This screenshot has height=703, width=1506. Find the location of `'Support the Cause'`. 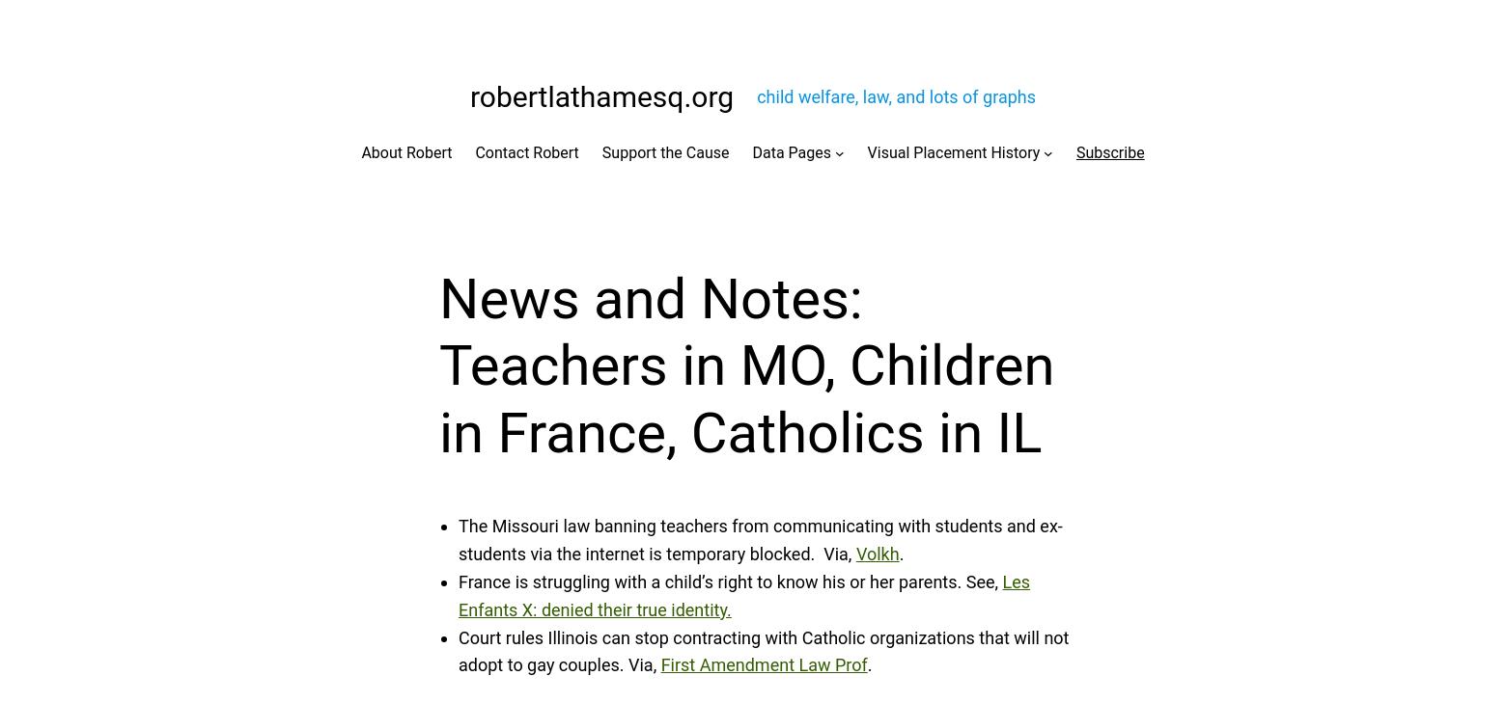

'Support the Cause' is located at coordinates (664, 151).